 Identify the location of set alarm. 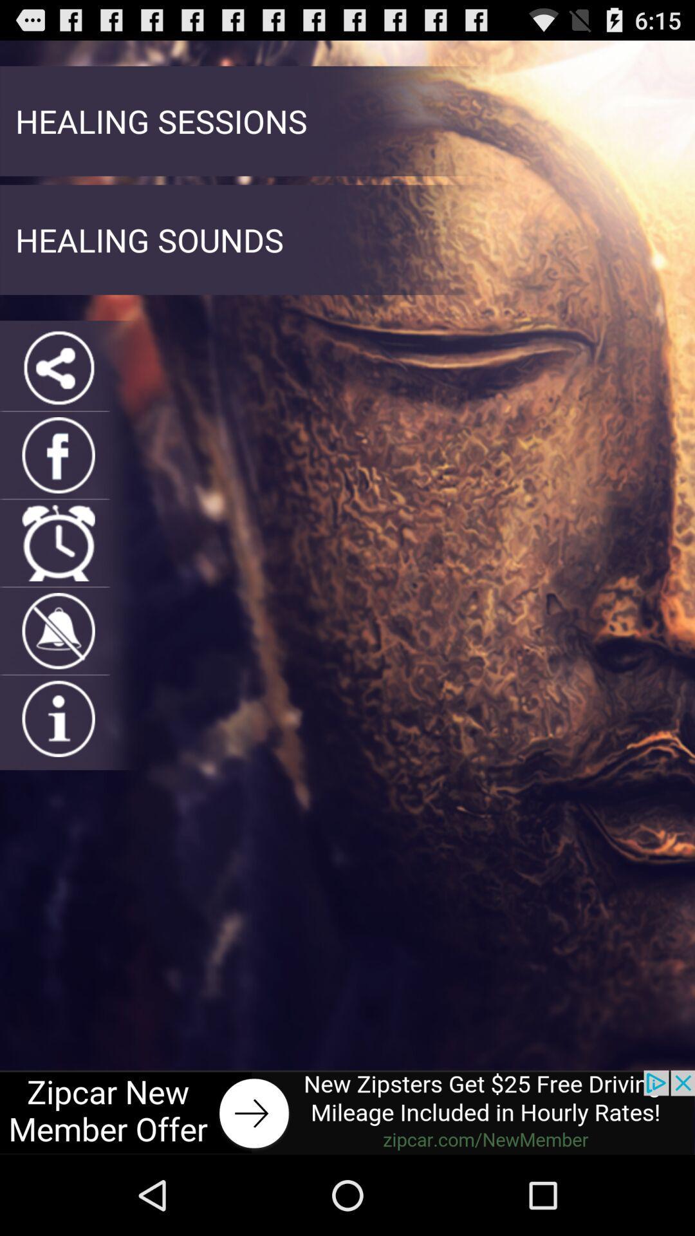
(59, 543).